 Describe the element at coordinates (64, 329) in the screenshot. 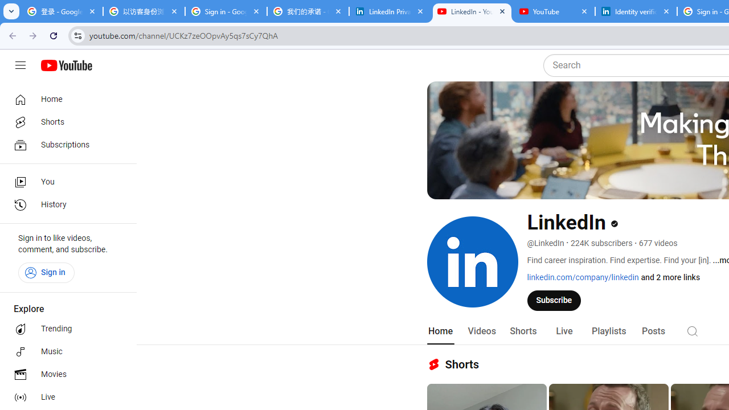

I see `'Trending'` at that location.